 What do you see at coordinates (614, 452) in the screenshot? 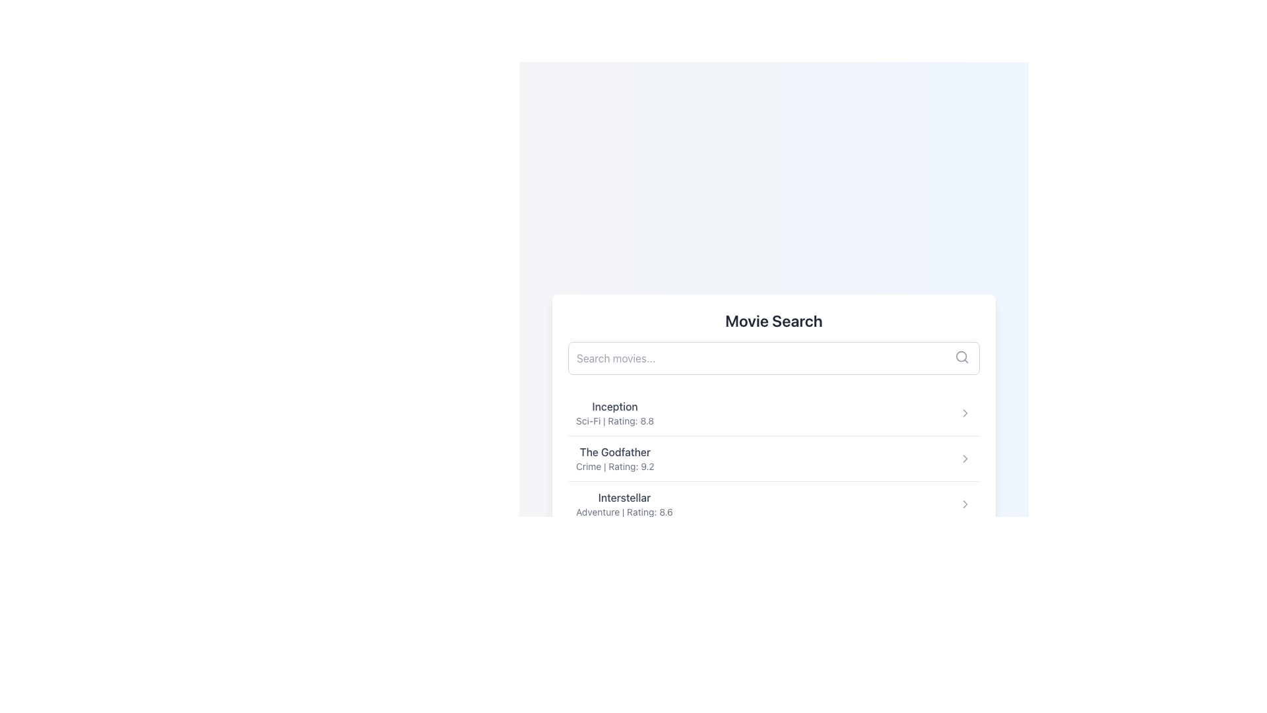
I see `the text label displaying the title 'The Godfather', which is located at the top of the second movie's box in the 'Movie Search' section` at bounding box center [614, 452].